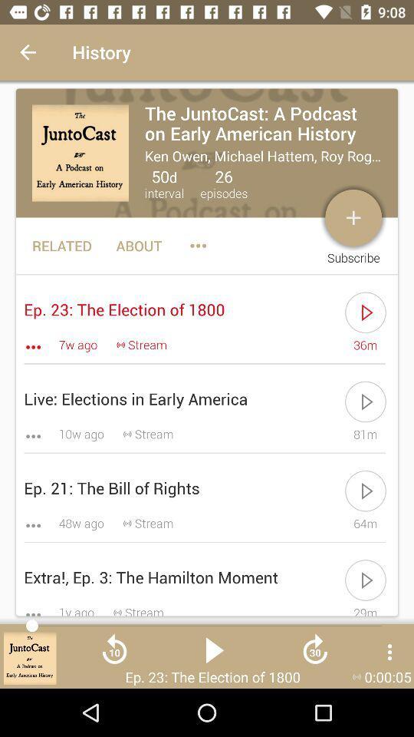 The height and width of the screenshot is (737, 414). I want to click on first option, so click(207, 153).